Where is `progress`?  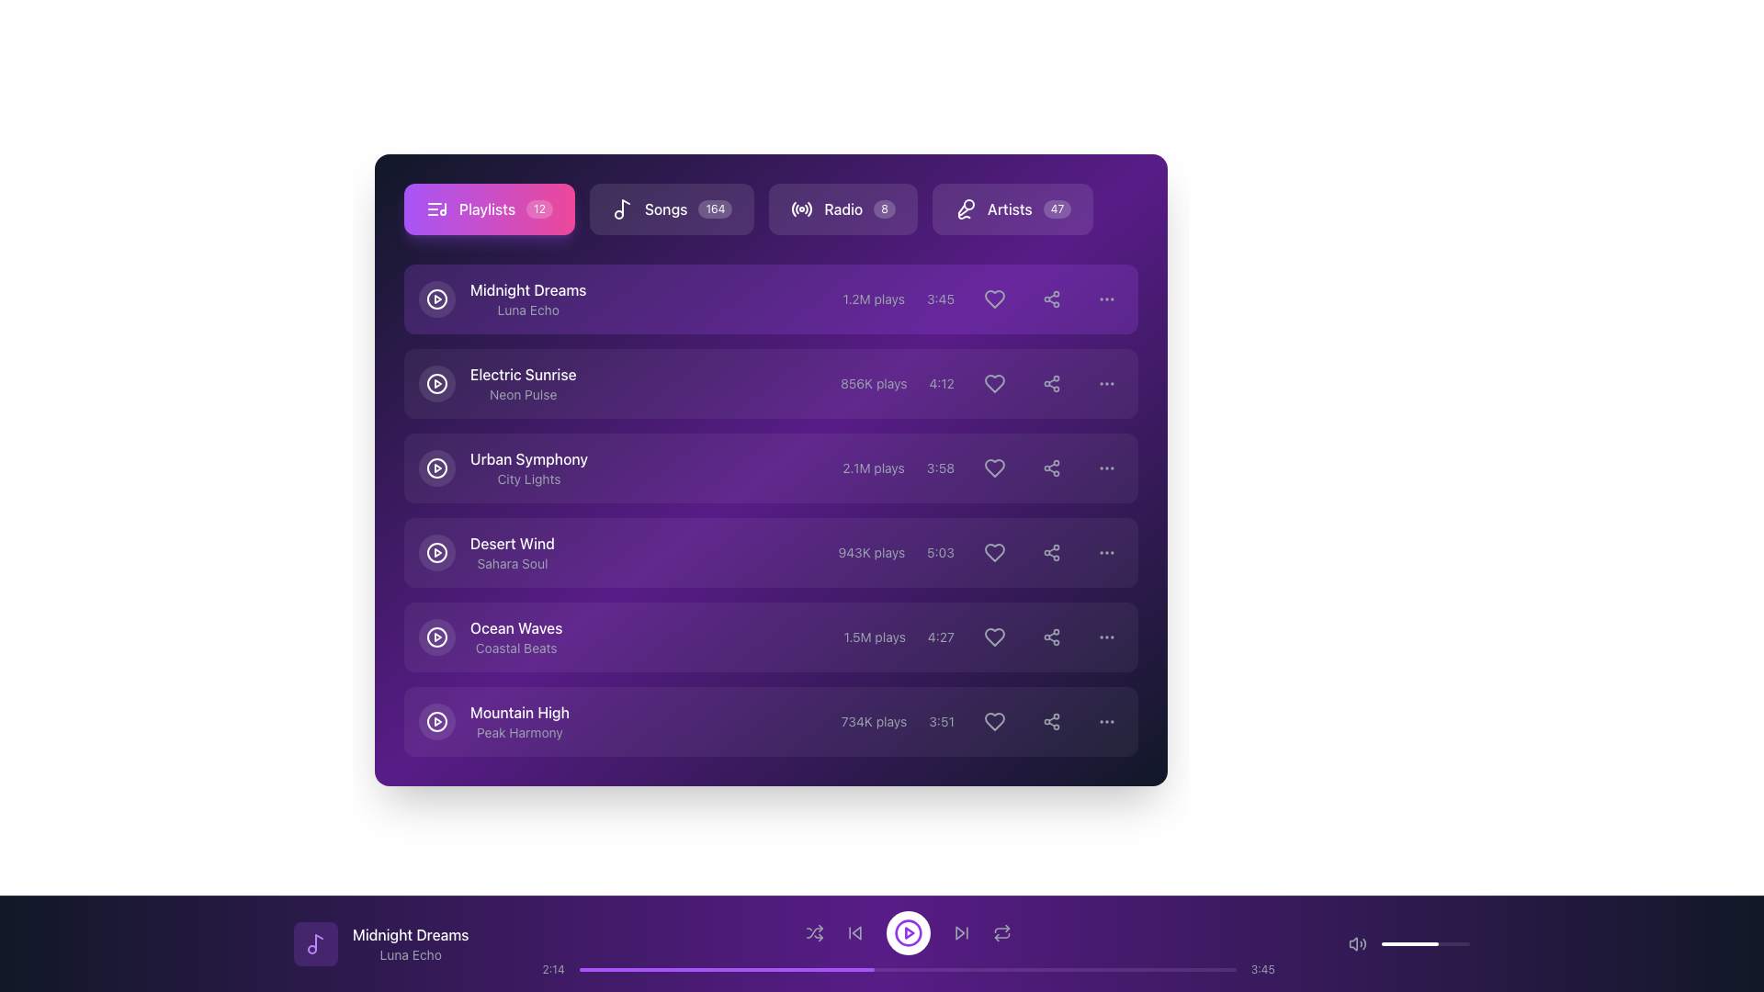
progress is located at coordinates (1117, 969).